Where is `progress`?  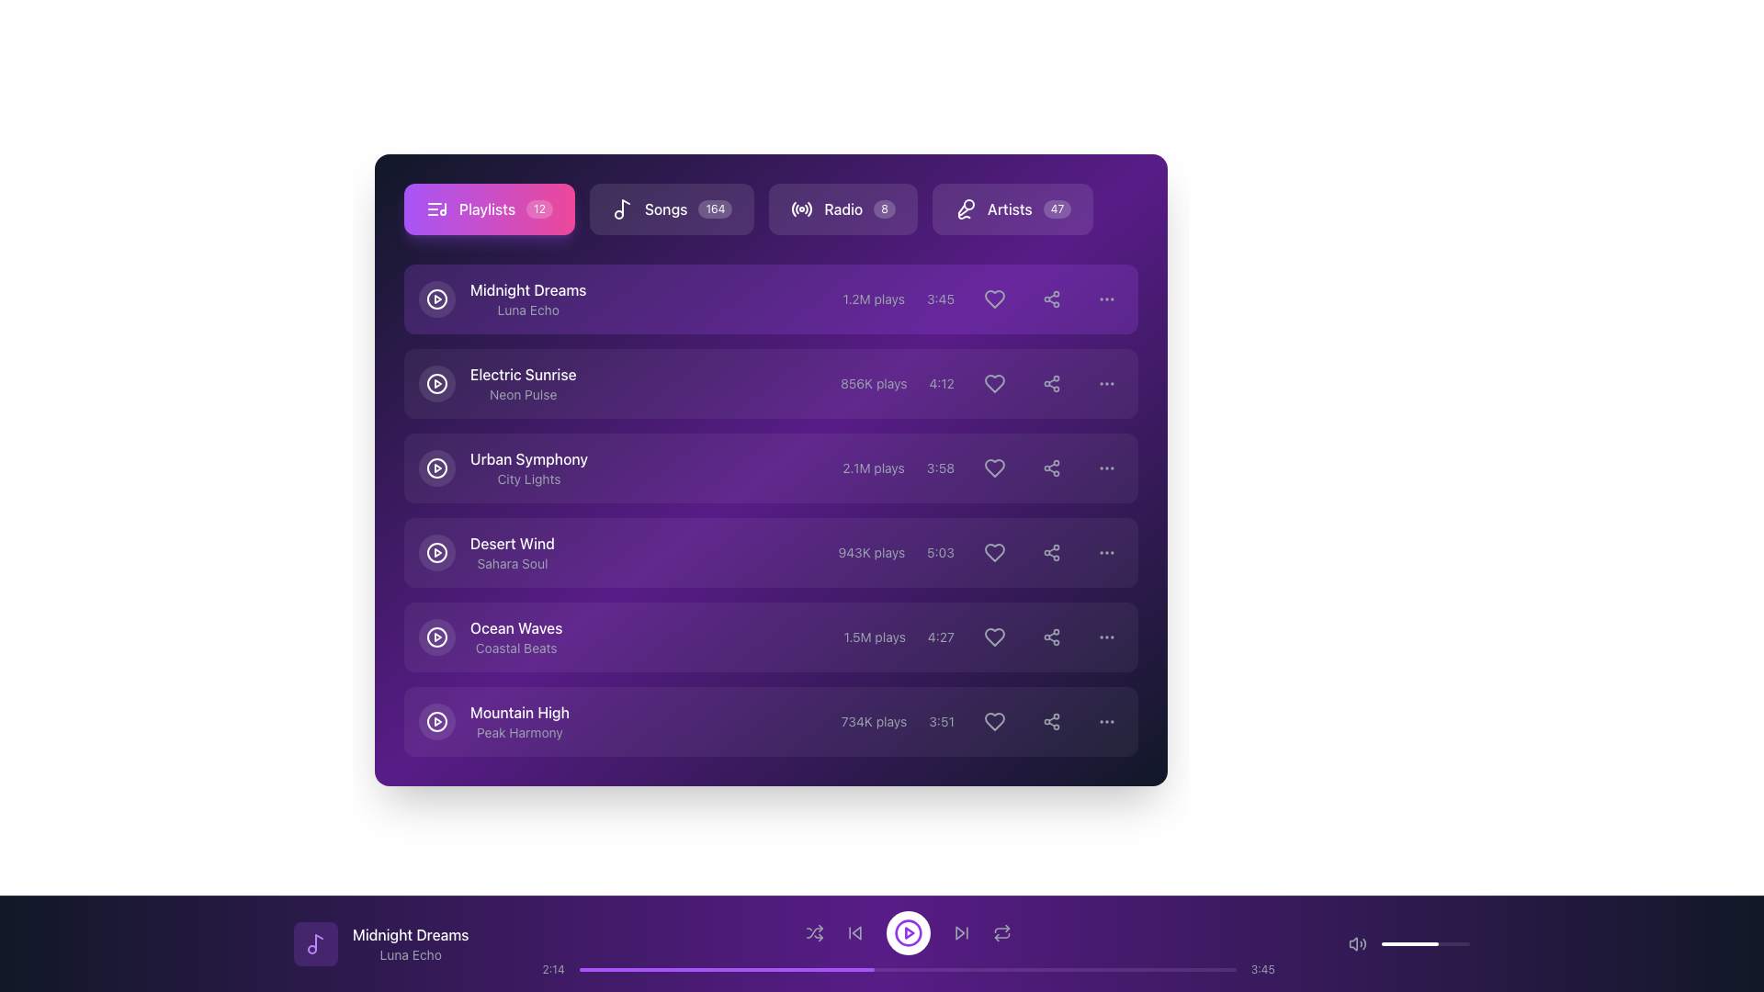
progress is located at coordinates (1117, 969).